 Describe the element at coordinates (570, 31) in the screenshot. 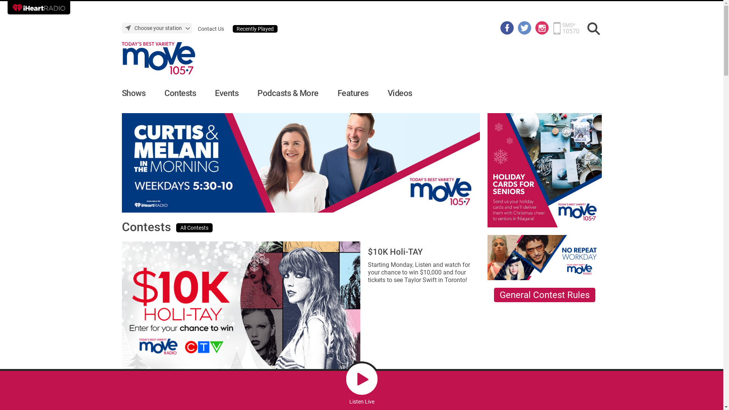

I see `'10570'` at that location.